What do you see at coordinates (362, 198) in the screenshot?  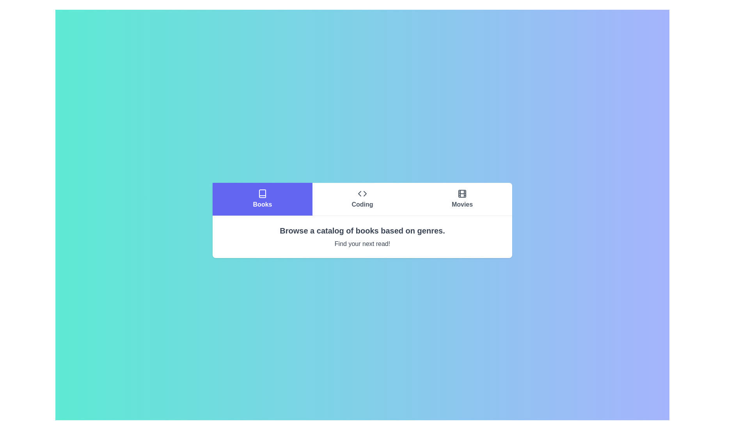 I see `the button labeled Coding to observe its hover state` at bounding box center [362, 198].